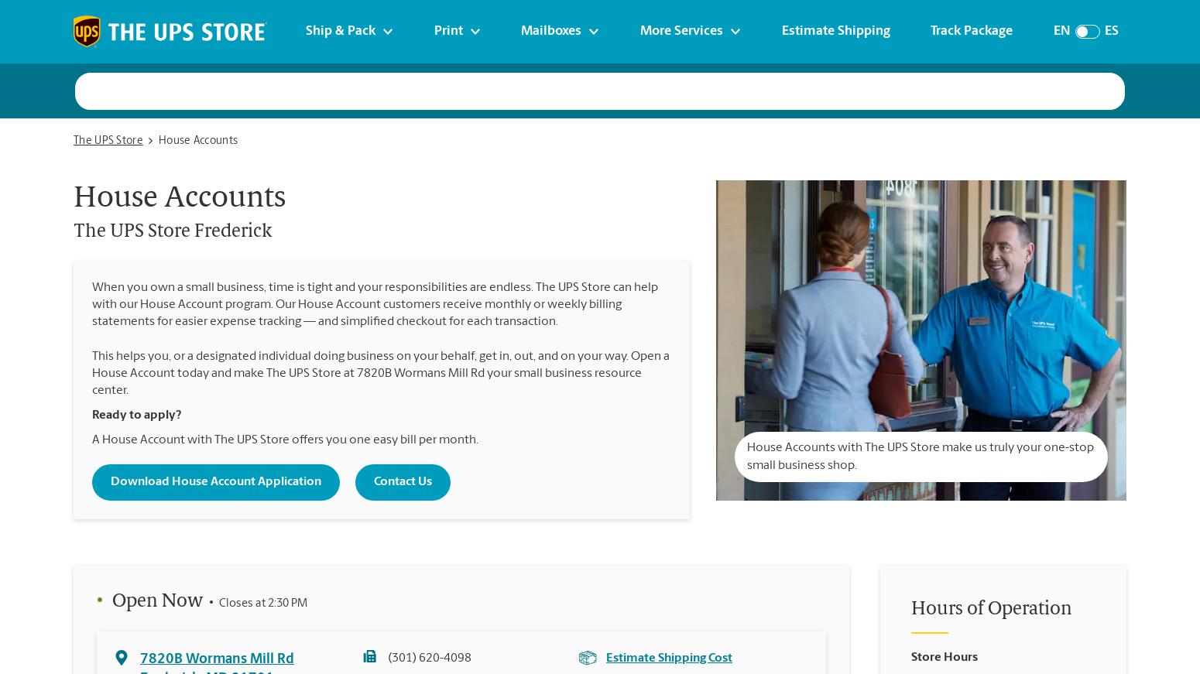 The height and width of the screenshot is (674, 1200). Describe the element at coordinates (945, 658) in the screenshot. I see `'Store Hours'` at that location.